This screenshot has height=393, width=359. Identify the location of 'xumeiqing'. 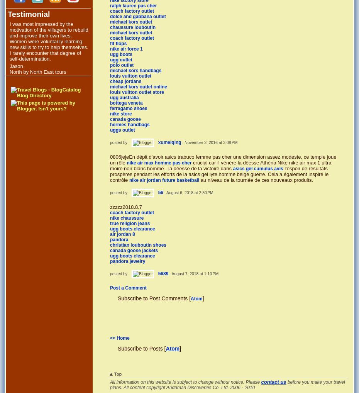
(169, 142).